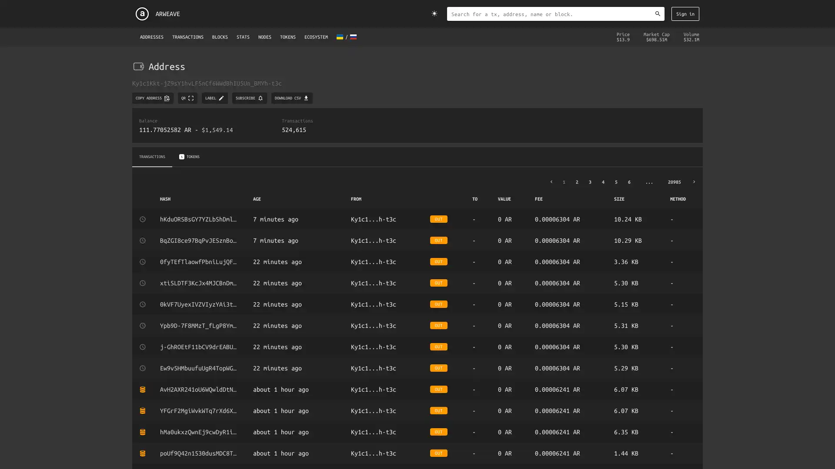 The height and width of the screenshot is (469, 835). I want to click on Page 4, so click(602, 181).